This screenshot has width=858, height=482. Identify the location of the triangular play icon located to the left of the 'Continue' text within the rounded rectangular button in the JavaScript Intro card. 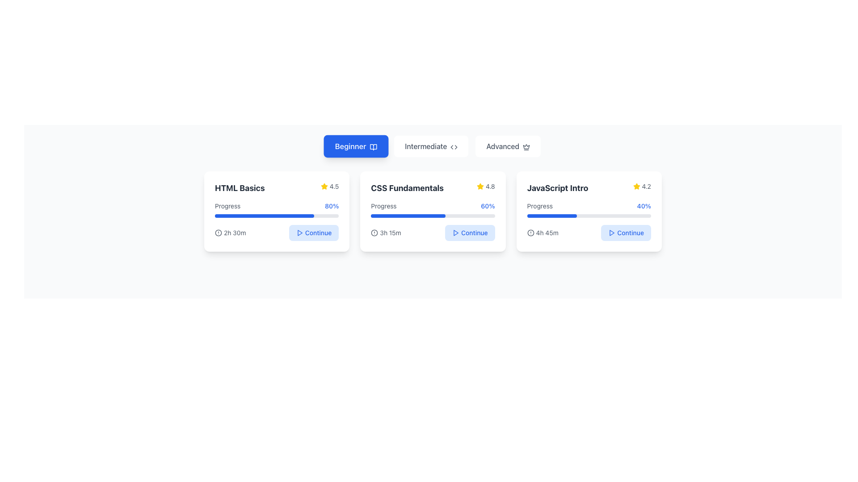
(611, 232).